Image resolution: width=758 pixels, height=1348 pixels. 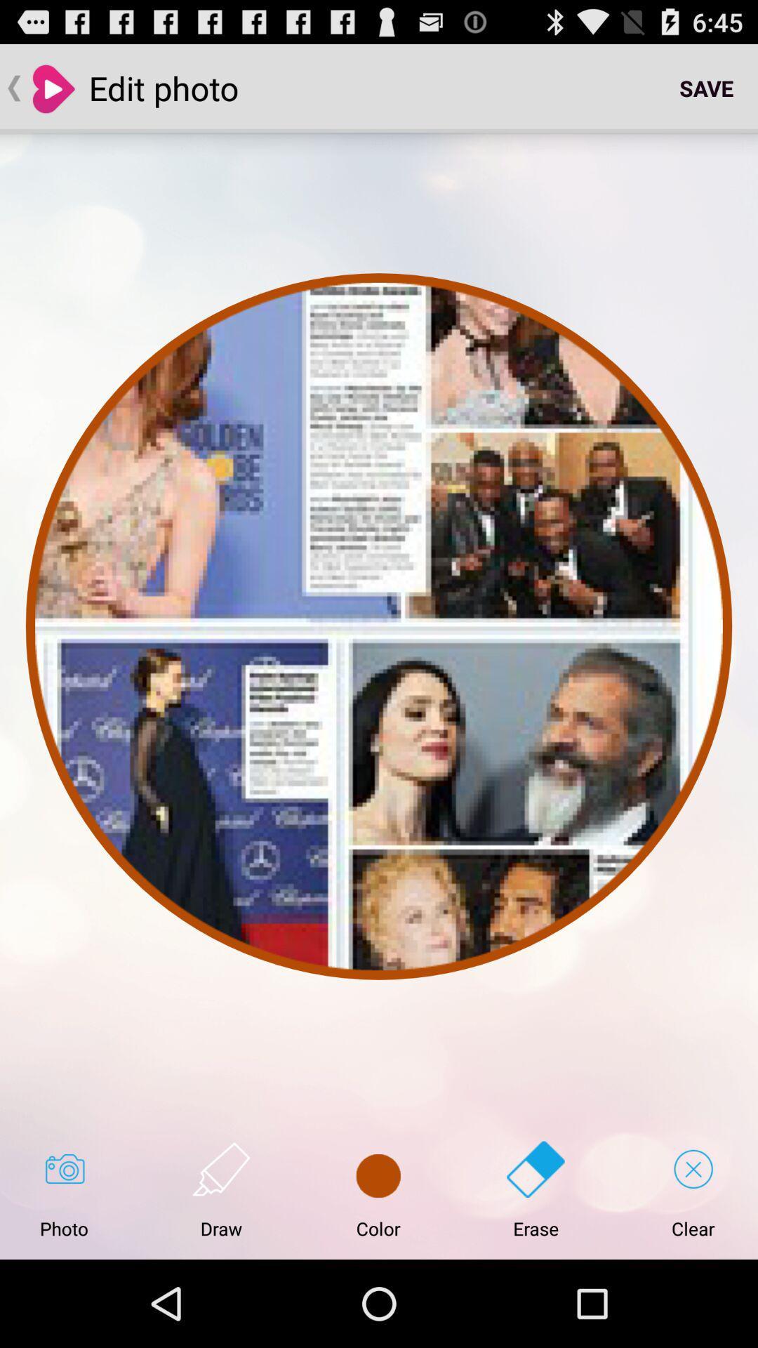 What do you see at coordinates (693, 1189) in the screenshot?
I see `the clear button` at bounding box center [693, 1189].